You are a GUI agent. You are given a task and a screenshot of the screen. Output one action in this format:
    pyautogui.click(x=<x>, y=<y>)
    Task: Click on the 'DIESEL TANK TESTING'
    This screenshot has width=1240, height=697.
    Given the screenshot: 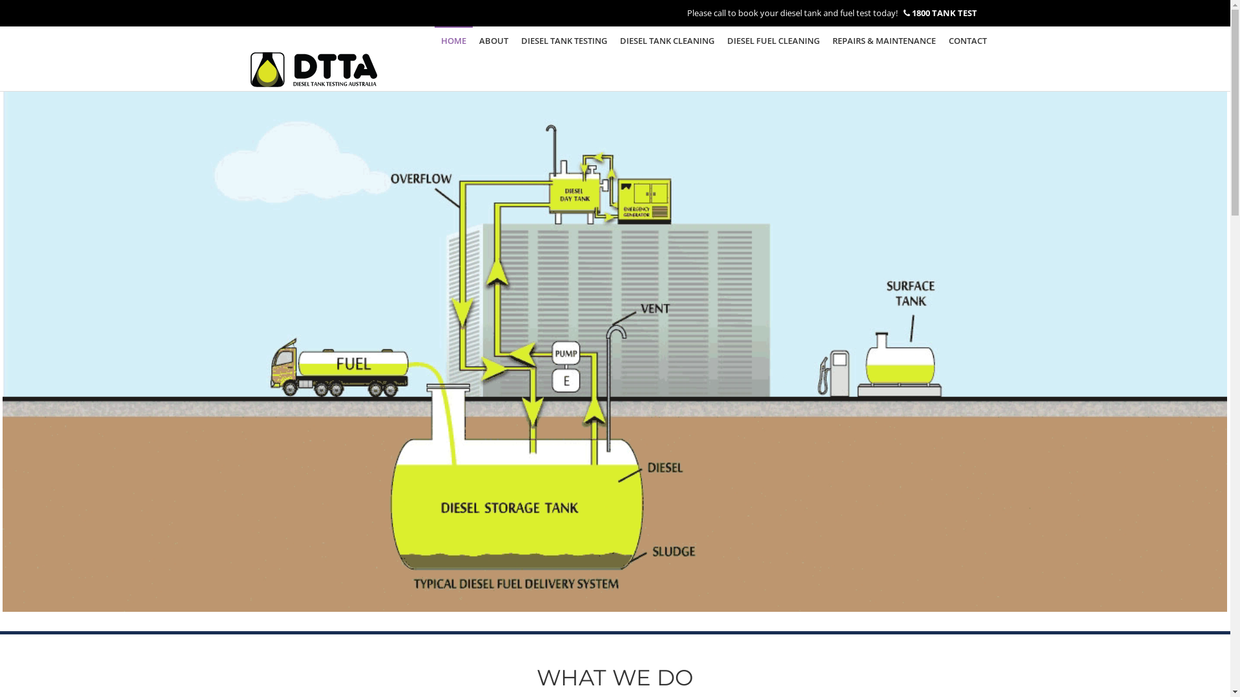 What is the action you would take?
    pyautogui.click(x=563, y=39)
    